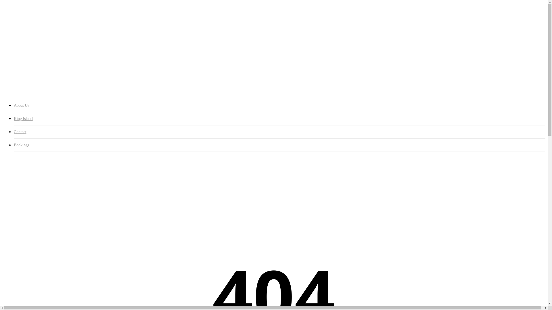  What do you see at coordinates (24, 61) in the screenshot?
I see `'King Island'` at bounding box center [24, 61].